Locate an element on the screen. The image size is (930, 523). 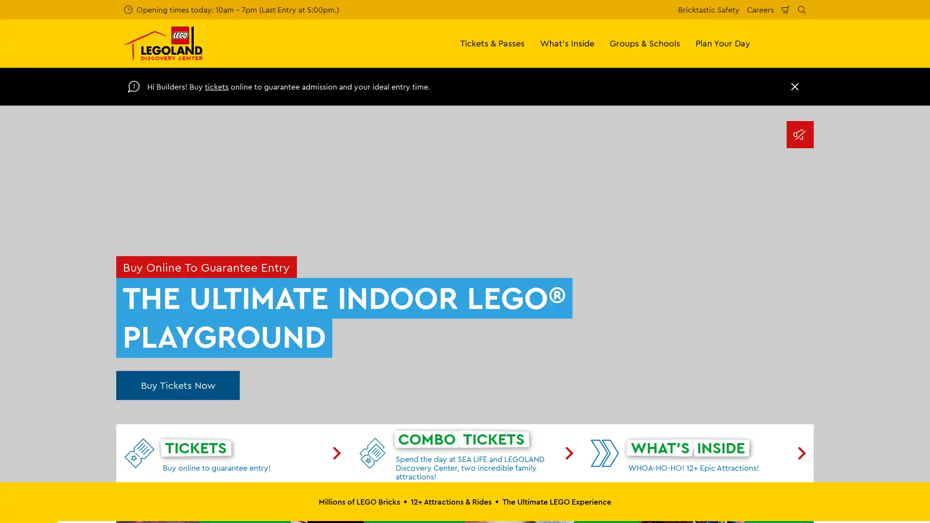
Tickets & Passes is located at coordinates (492, 43).